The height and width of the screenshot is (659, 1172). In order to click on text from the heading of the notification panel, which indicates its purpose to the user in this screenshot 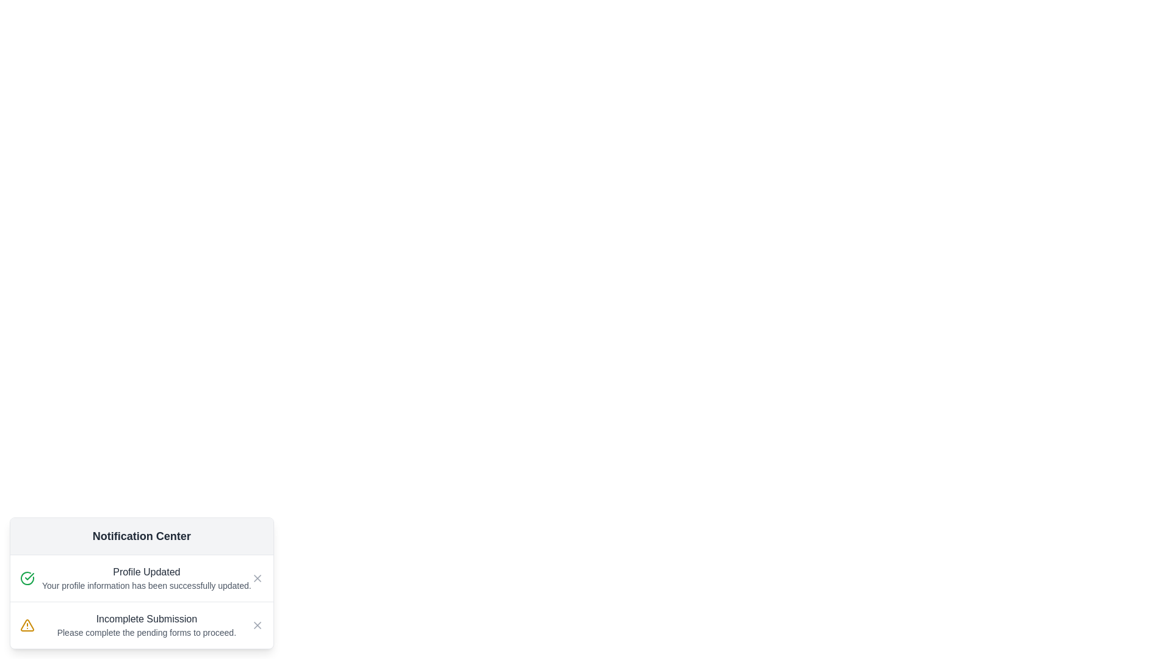, I will do `click(142, 536)`.